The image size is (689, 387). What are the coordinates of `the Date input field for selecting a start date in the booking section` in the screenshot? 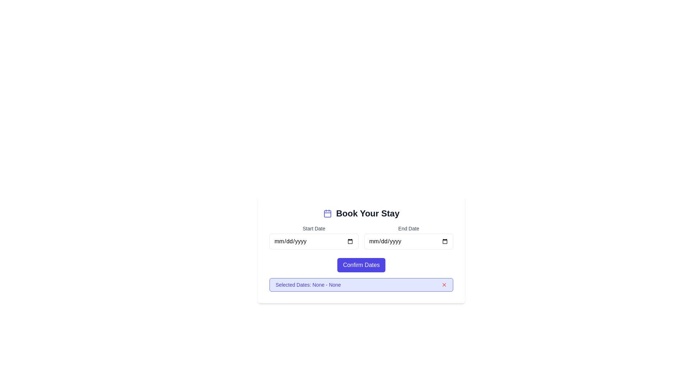 It's located at (314, 242).